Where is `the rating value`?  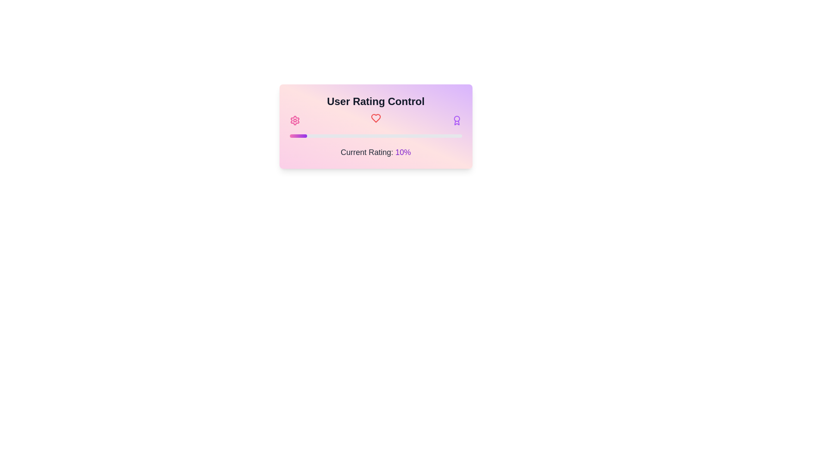
the rating value is located at coordinates (372, 121).